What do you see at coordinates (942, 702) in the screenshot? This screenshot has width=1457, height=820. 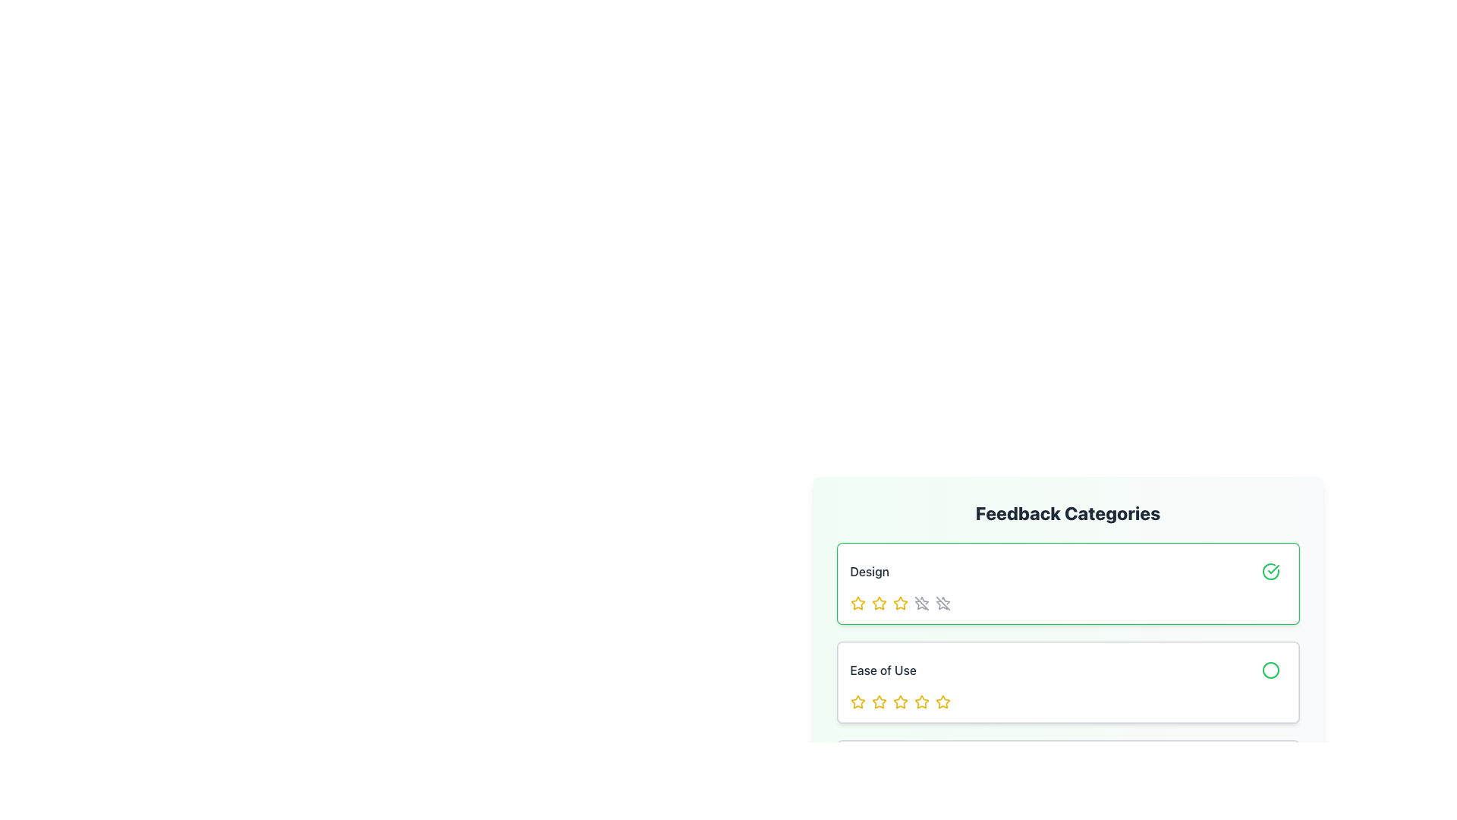 I see `the fifth yellow star icon` at bounding box center [942, 702].